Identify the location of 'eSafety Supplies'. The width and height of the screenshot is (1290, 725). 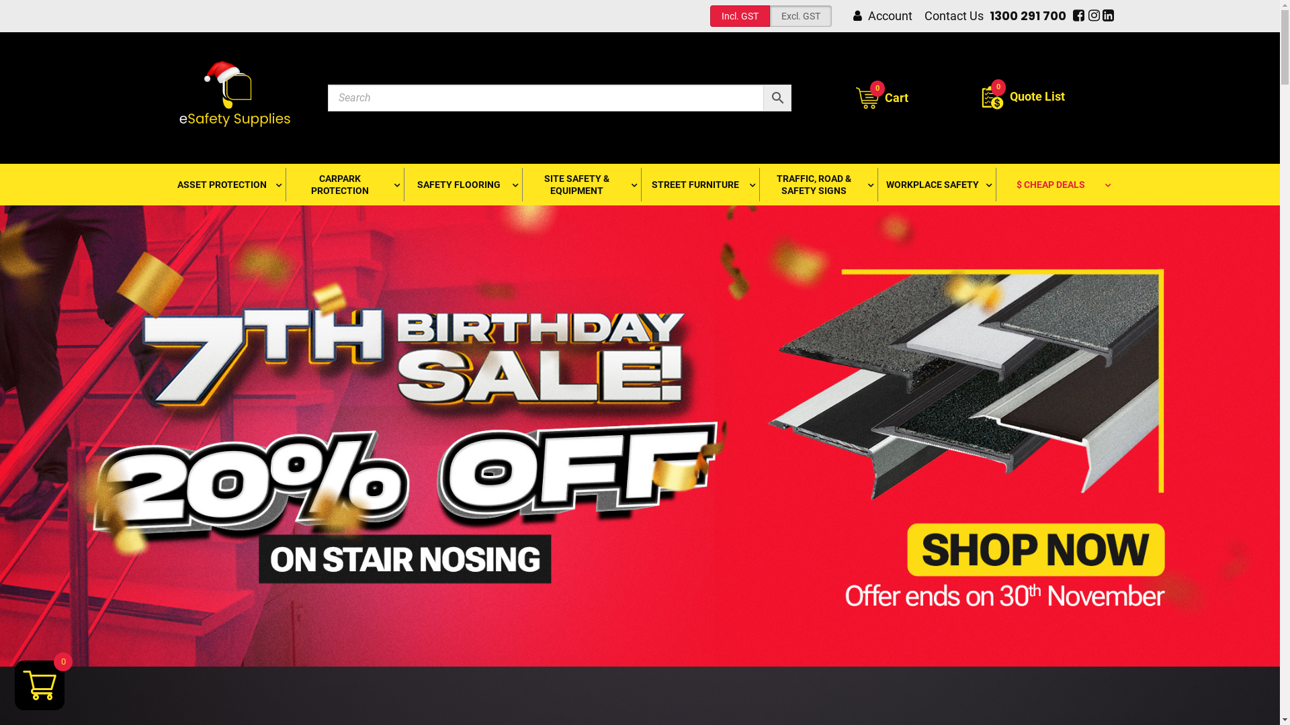
(166, 97).